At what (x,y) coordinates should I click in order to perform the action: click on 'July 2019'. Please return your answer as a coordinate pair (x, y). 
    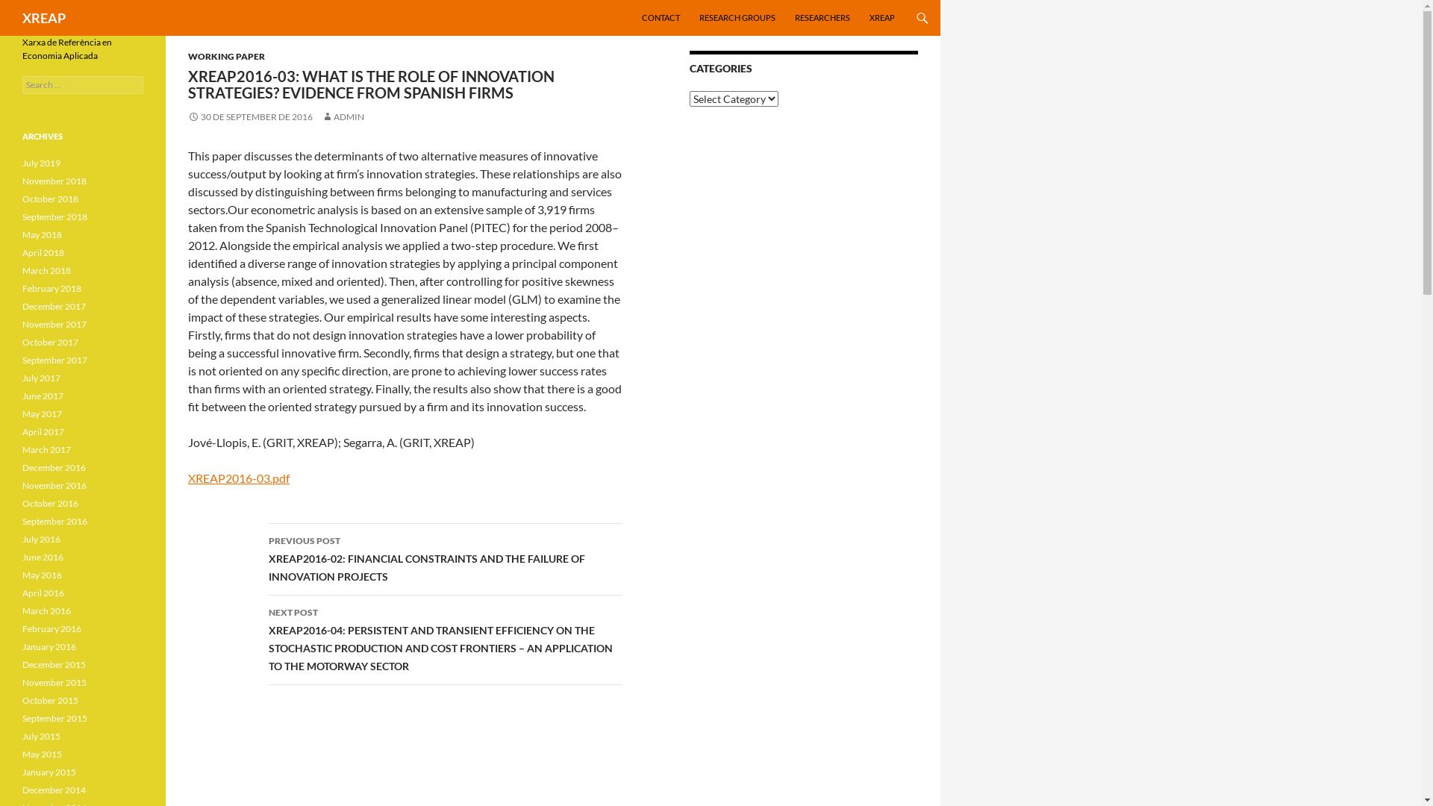
    Looking at the image, I should click on (41, 163).